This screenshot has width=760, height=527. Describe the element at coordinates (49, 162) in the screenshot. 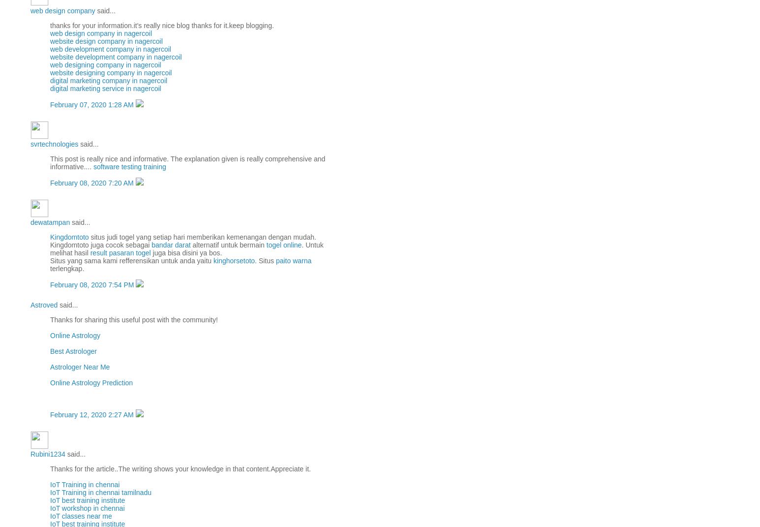

I see `'This post is really nice and informative. The explanation given is really comprehensive and informative....'` at that location.